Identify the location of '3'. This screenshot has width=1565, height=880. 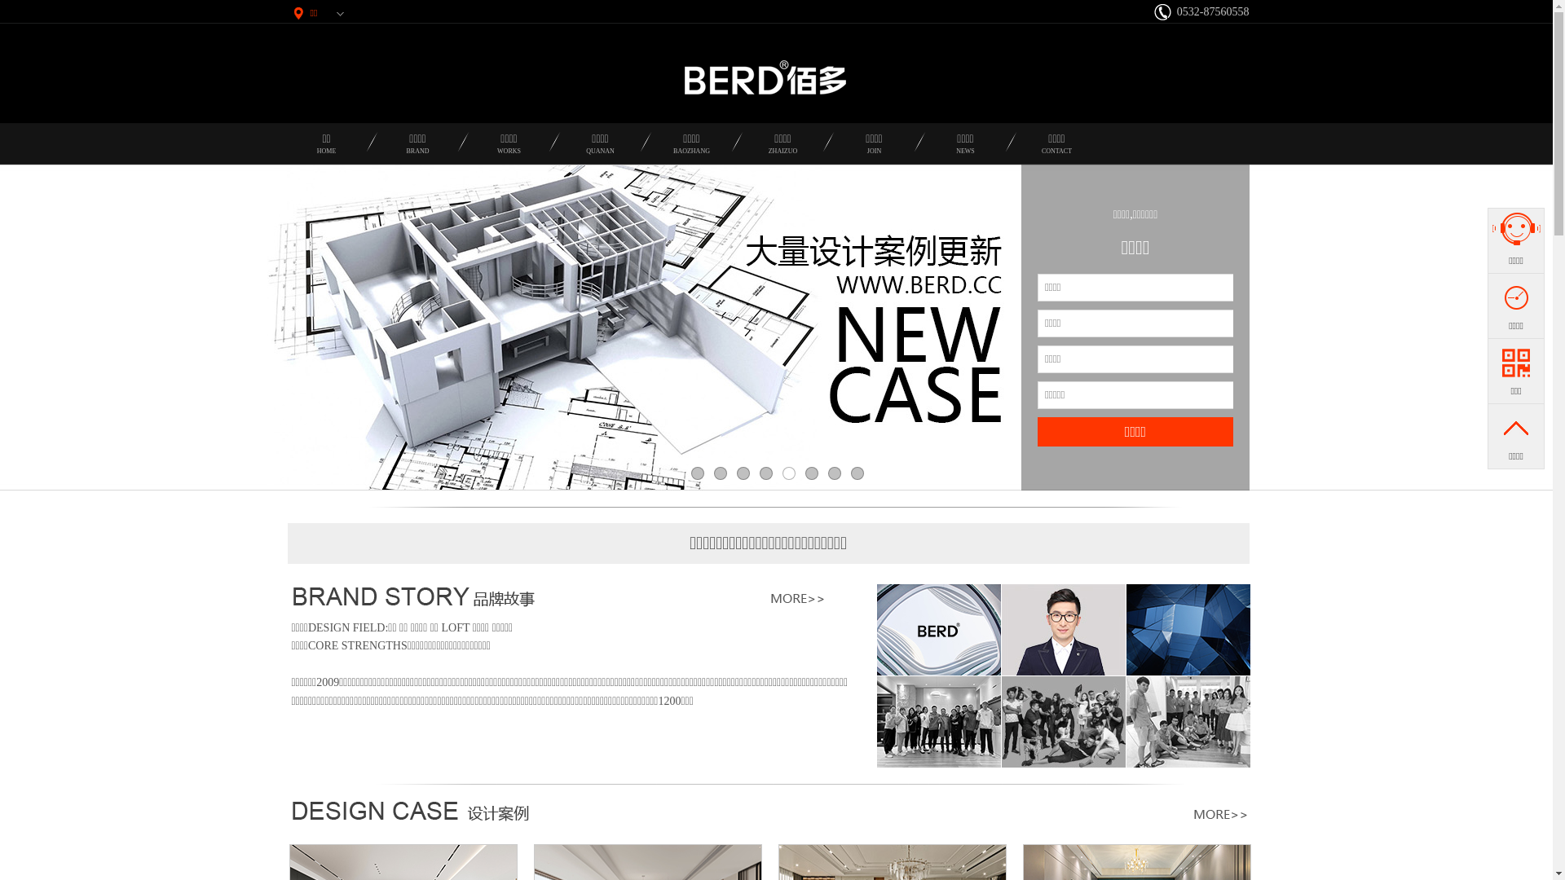
(743, 473).